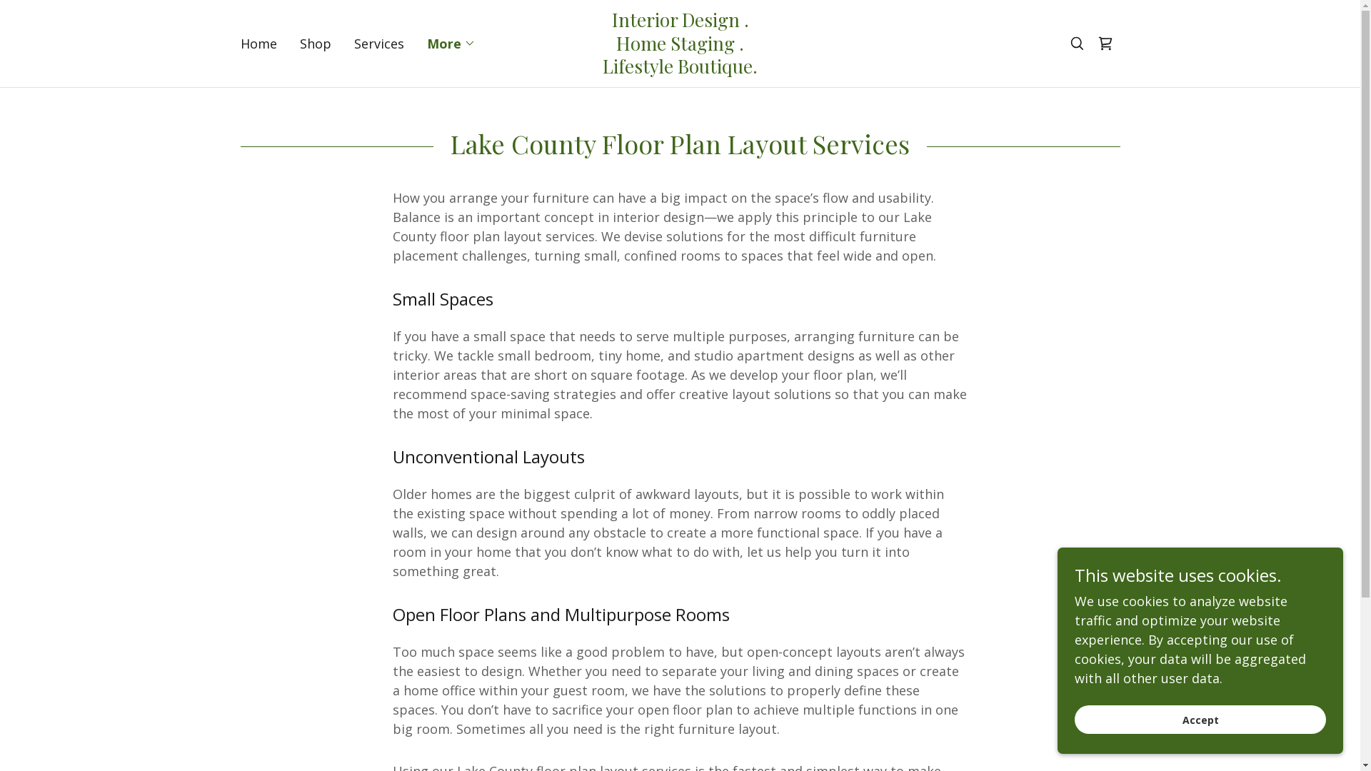 This screenshot has height=771, width=1371. What do you see at coordinates (349, 43) in the screenshot?
I see `'Services'` at bounding box center [349, 43].